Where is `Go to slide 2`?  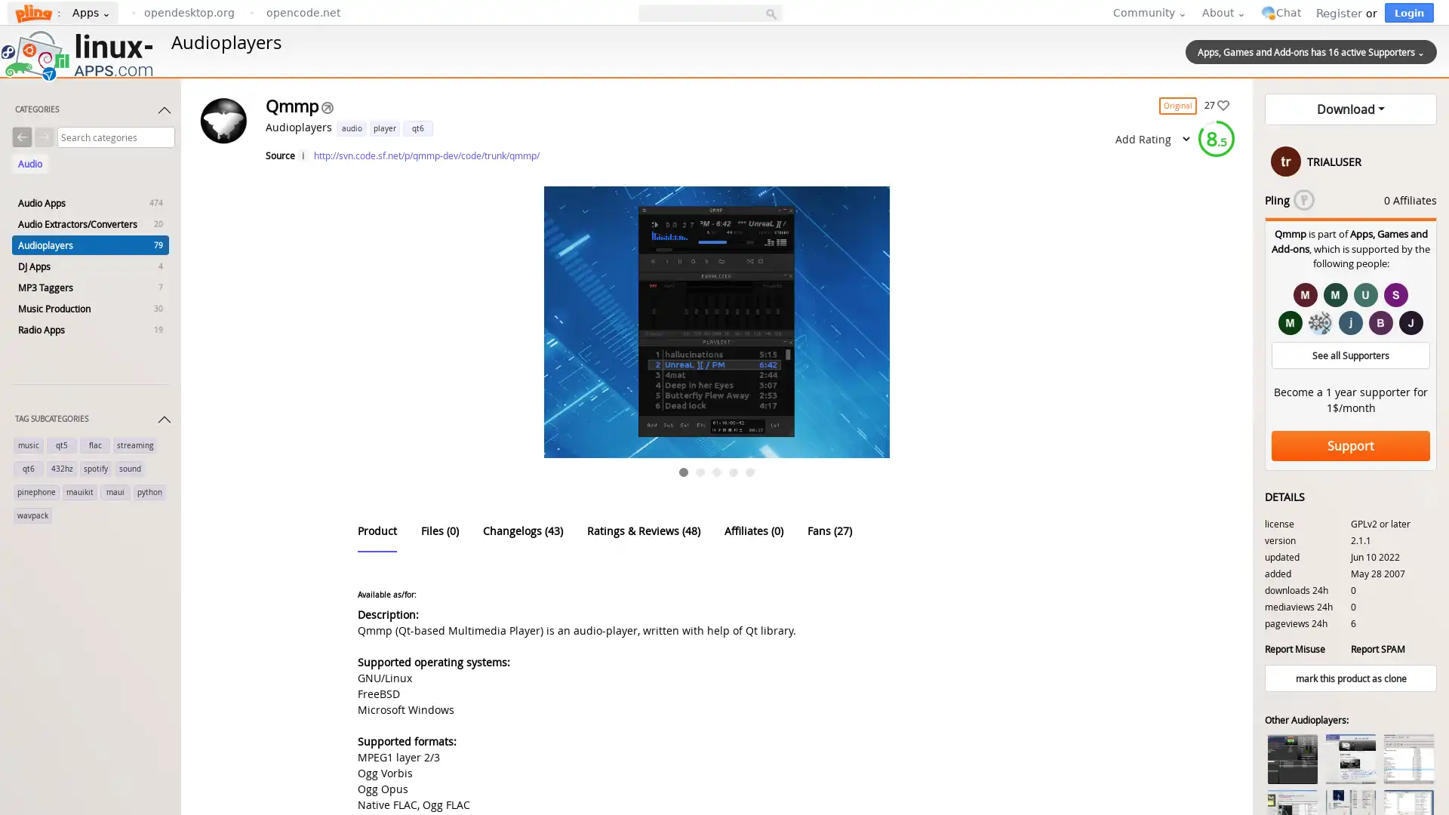
Go to slide 2 is located at coordinates (699, 471).